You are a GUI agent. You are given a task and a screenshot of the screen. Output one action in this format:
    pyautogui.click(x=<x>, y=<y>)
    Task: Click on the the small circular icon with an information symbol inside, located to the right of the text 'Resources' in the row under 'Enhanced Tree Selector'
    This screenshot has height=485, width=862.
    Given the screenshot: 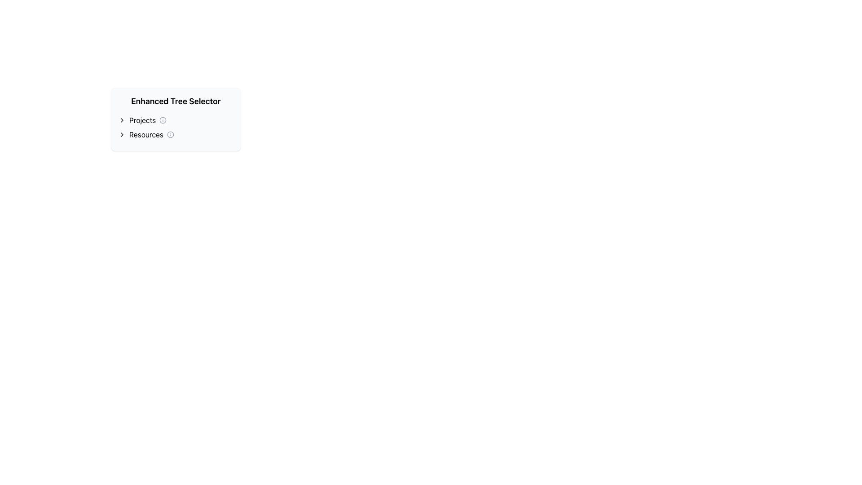 What is the action you would take?
    pyautogui.click(x=170, y=135)
    